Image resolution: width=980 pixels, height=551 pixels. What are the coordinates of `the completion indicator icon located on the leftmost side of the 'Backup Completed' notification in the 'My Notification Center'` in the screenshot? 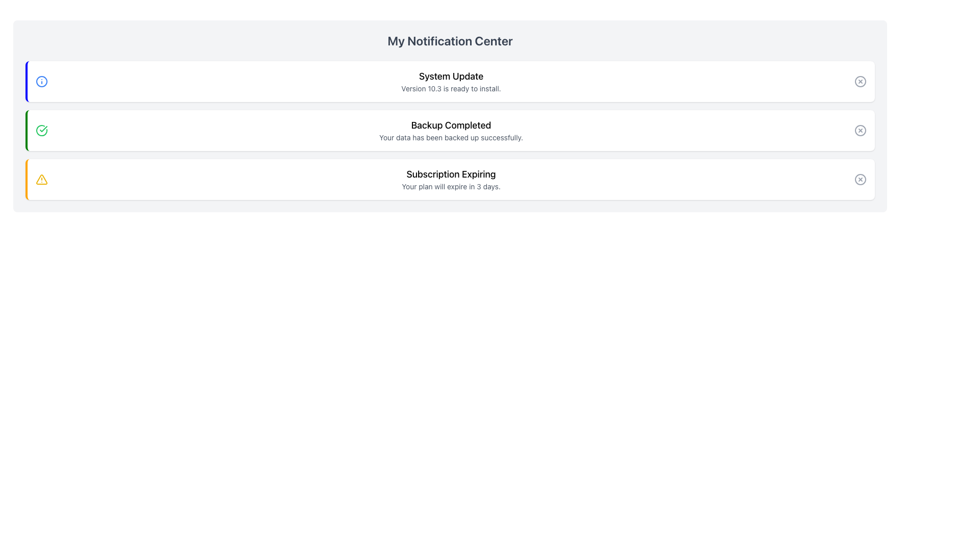 It's located at (41, 130).